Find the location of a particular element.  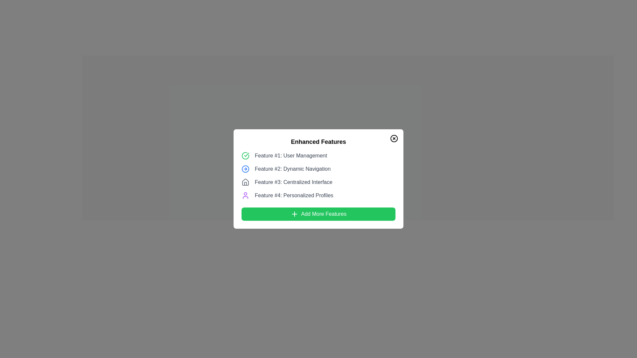

the text label displaying 'Enhanced Features' in bold font style, which is located at the top segment of the interface within a rounded white background is located at coordinates (318, 142).